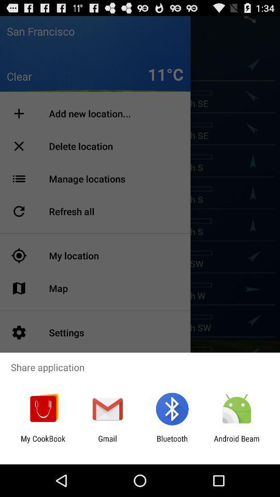  What do you see at coordinates (172, 443) in the screenshot?
I see `app to the left of android beam app` at bounding box center [172, 443].